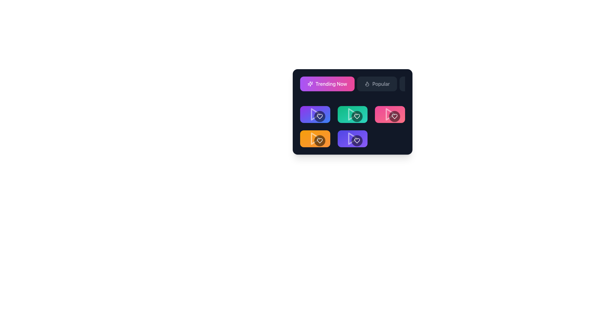 Image resolution: width=591 pixels, height=332 pixels. Describe the element at coordinates (376, 84) in the screenshot. I see `the 'Popular' button with a flame icon to filter popular content` at that location.